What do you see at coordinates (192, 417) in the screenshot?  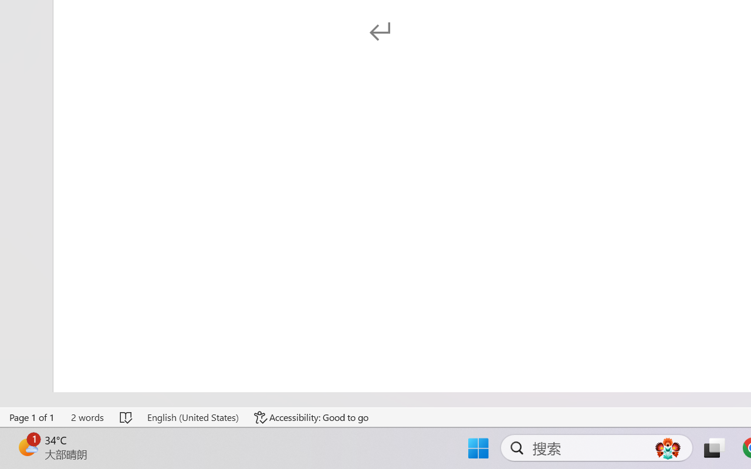 I see `'Language English (United States)'` at bounding box center [192, 417].